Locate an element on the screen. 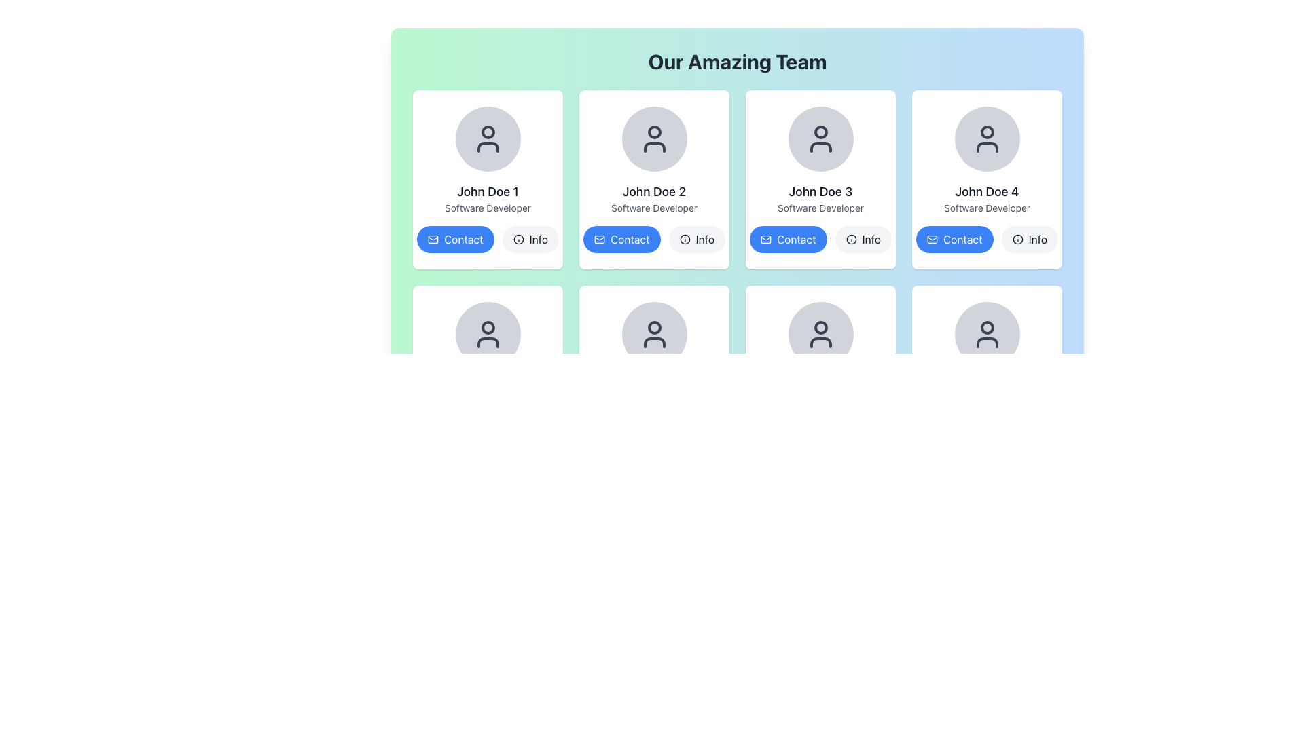 Image resolution: width=1304 pixels, height=733 pixels. the circular 'Info' icon component adjacent to the 'Contact' button in the profile card of 'John Doe 3', which is the third card in the first row of the grid layout is located at coordinates (850, 239).